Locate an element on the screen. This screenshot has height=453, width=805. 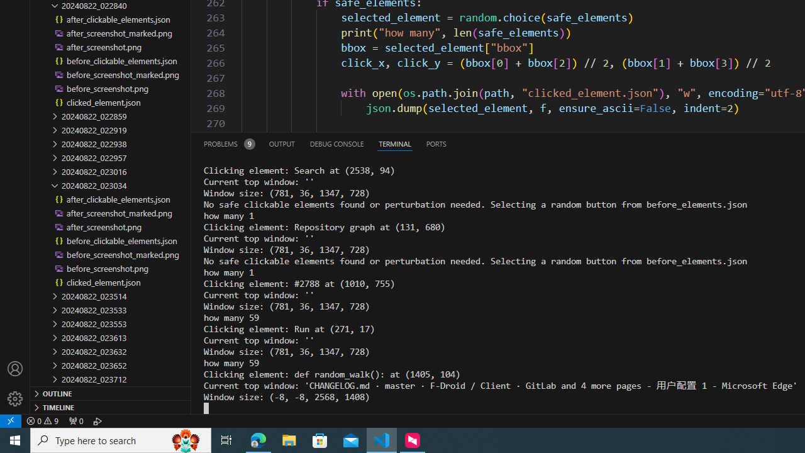
'Warnings: 9' is located at coordinates (42, 420).